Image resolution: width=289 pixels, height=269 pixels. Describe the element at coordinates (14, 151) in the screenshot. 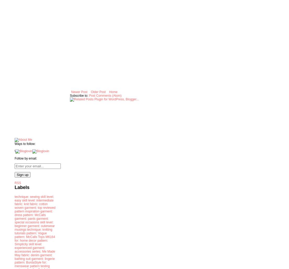

I see `'\'` at that location.